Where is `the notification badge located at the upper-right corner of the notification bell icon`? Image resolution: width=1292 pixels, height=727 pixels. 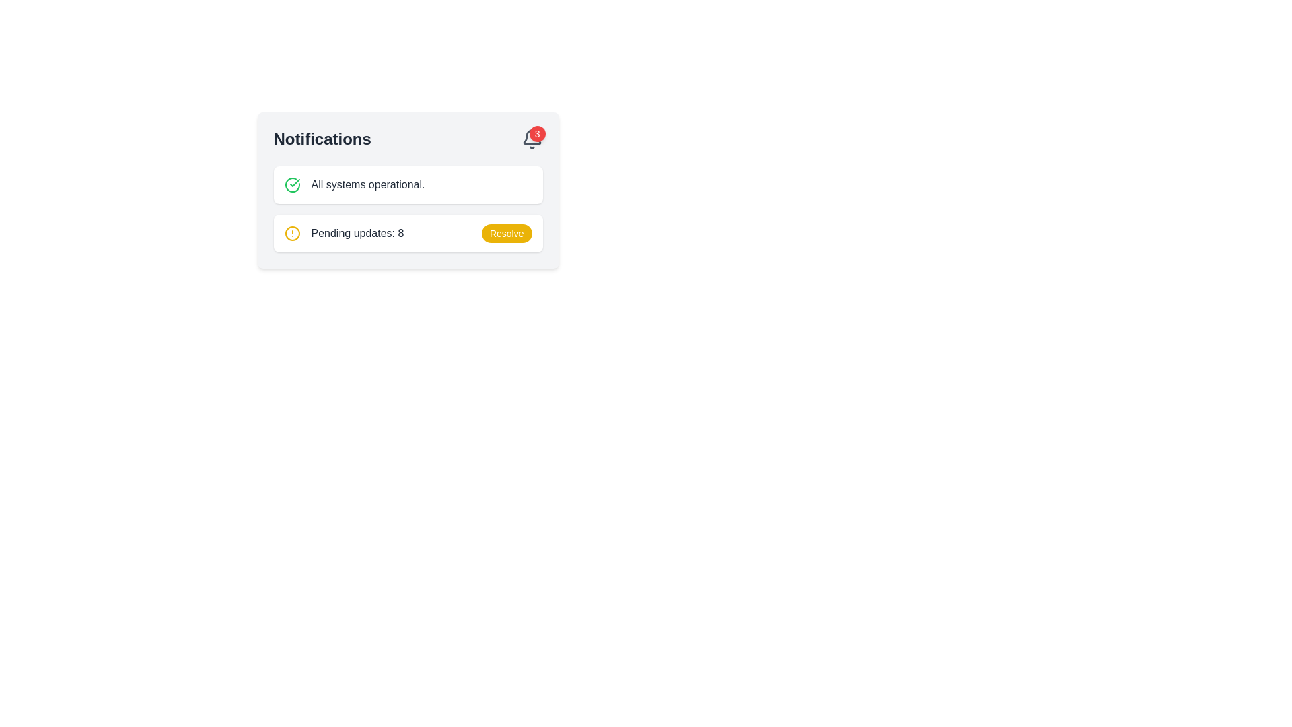 the notification badge located at the upper-right corner of the notification bell icon is located at coordinates (536, 134).